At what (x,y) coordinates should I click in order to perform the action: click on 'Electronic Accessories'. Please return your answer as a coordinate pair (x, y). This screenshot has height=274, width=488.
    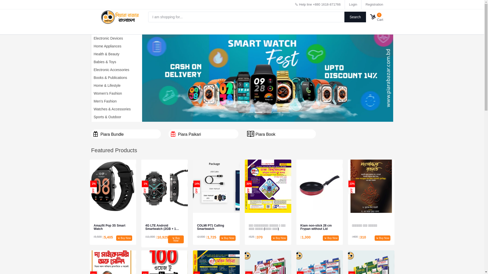
    Looking at the image, I should click on (110, 70).